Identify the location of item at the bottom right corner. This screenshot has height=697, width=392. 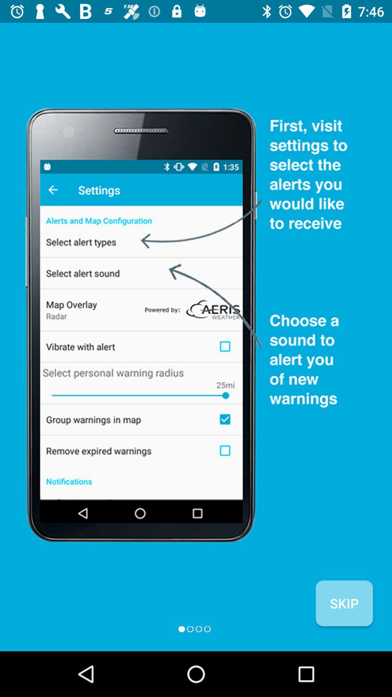
(344, 603).